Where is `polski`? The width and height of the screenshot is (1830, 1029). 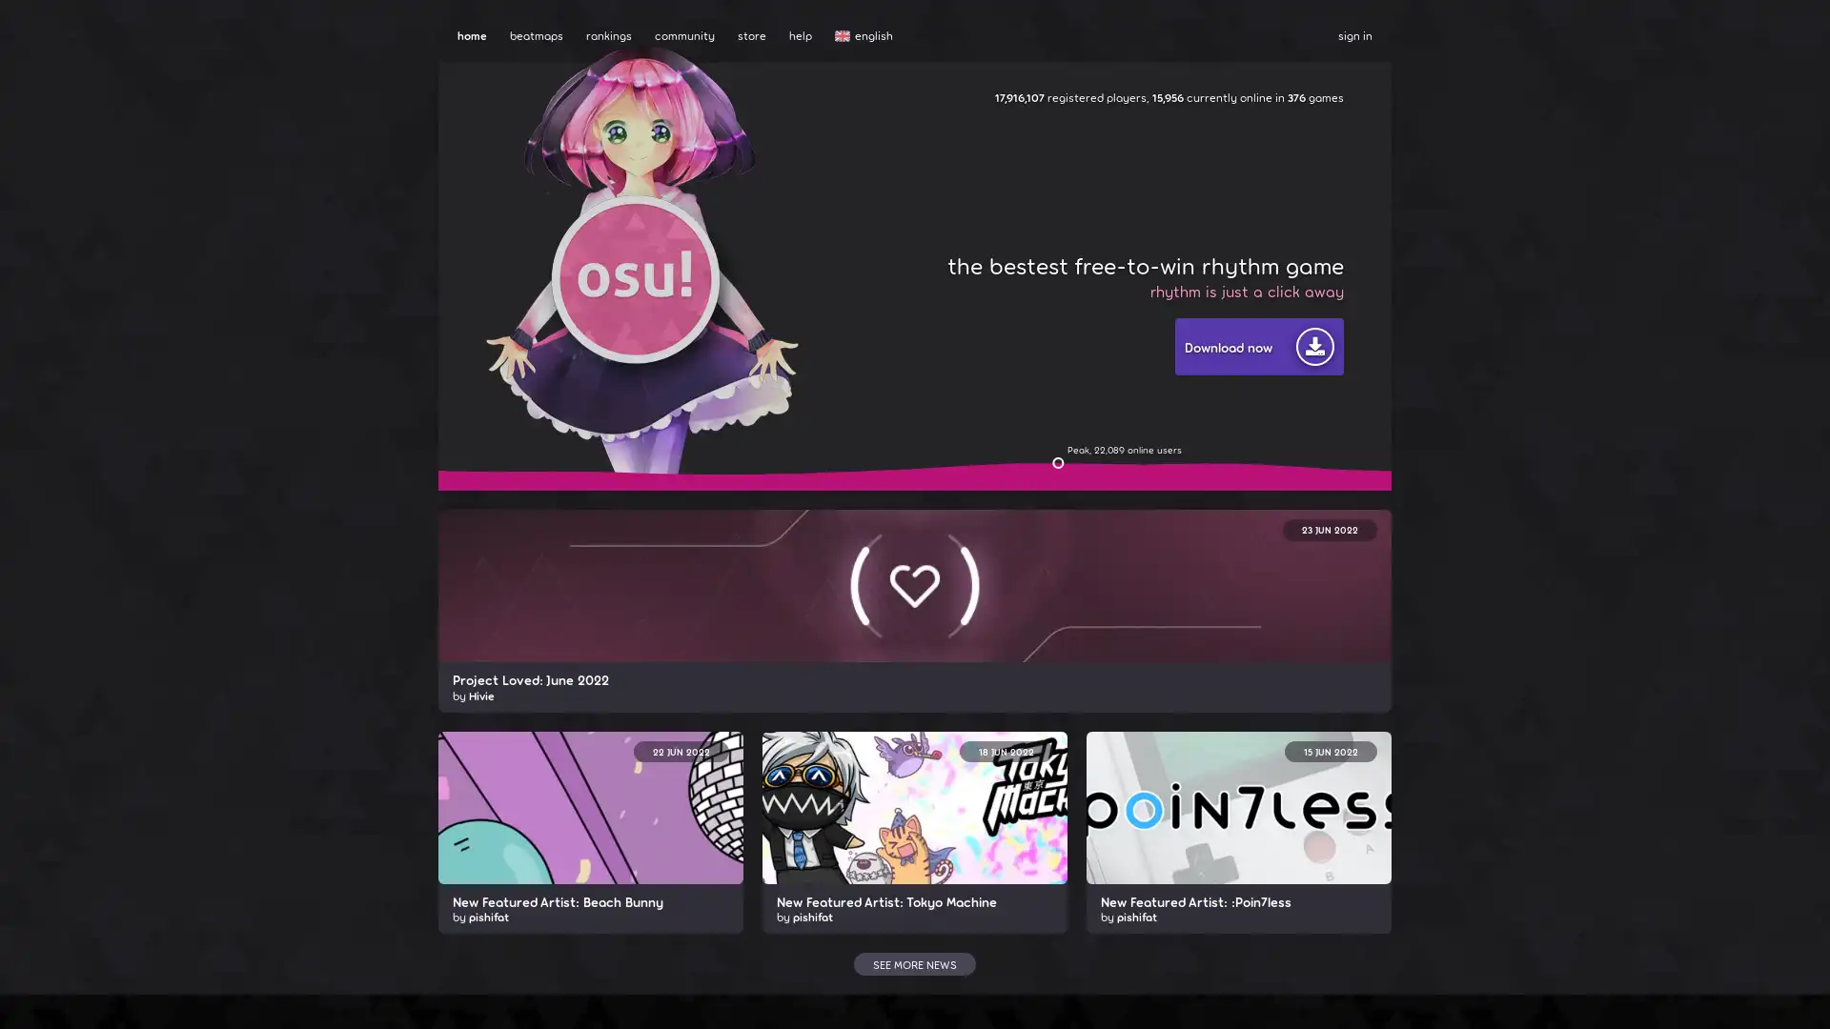
polski is located at coordinates (891, 496).